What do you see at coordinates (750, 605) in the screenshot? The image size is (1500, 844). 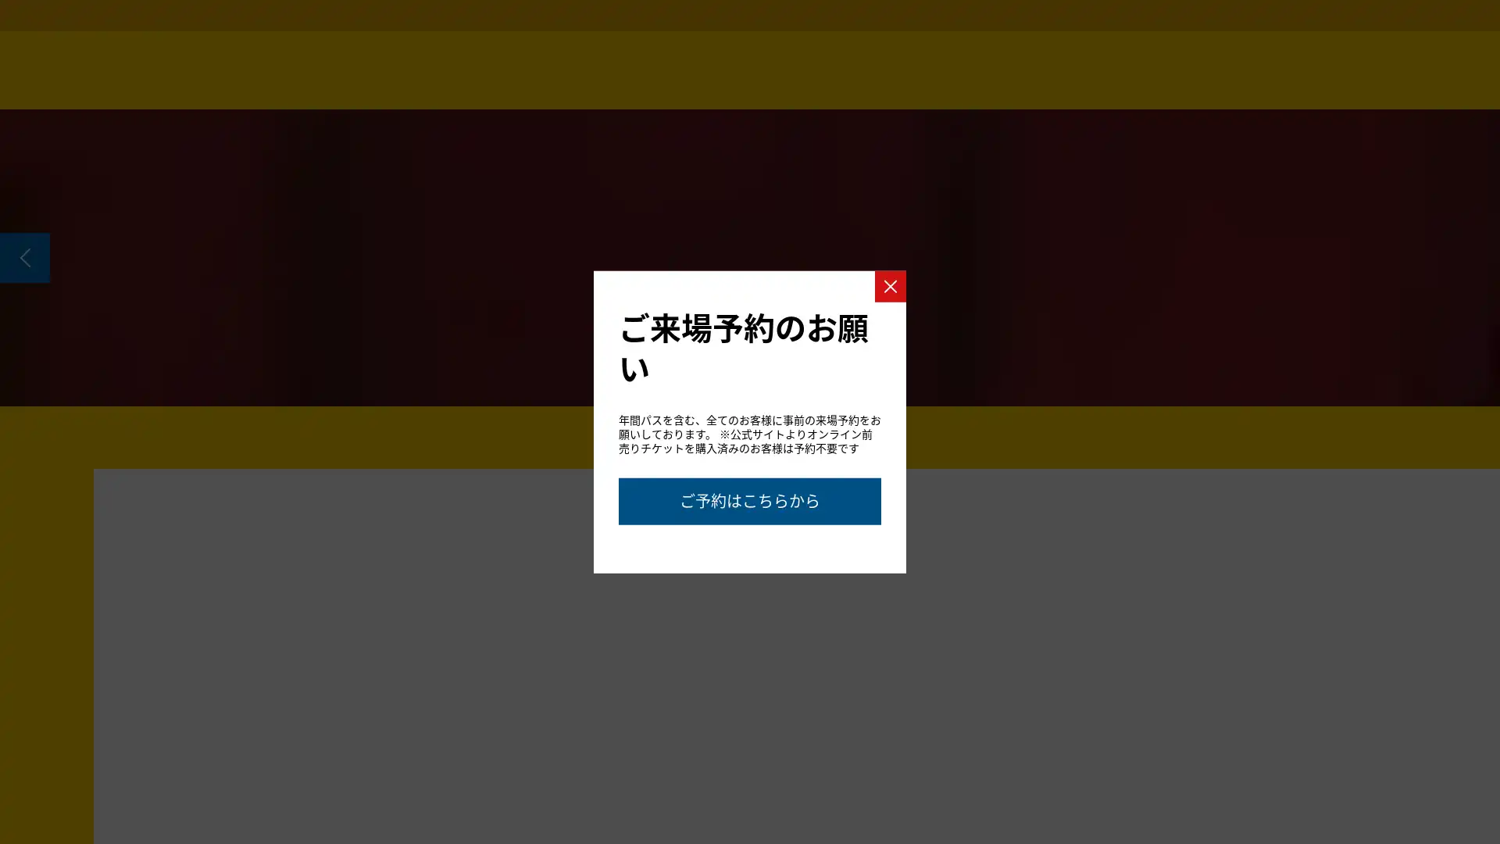 I see `Go to slide 2` at bounding box center [750, 605].